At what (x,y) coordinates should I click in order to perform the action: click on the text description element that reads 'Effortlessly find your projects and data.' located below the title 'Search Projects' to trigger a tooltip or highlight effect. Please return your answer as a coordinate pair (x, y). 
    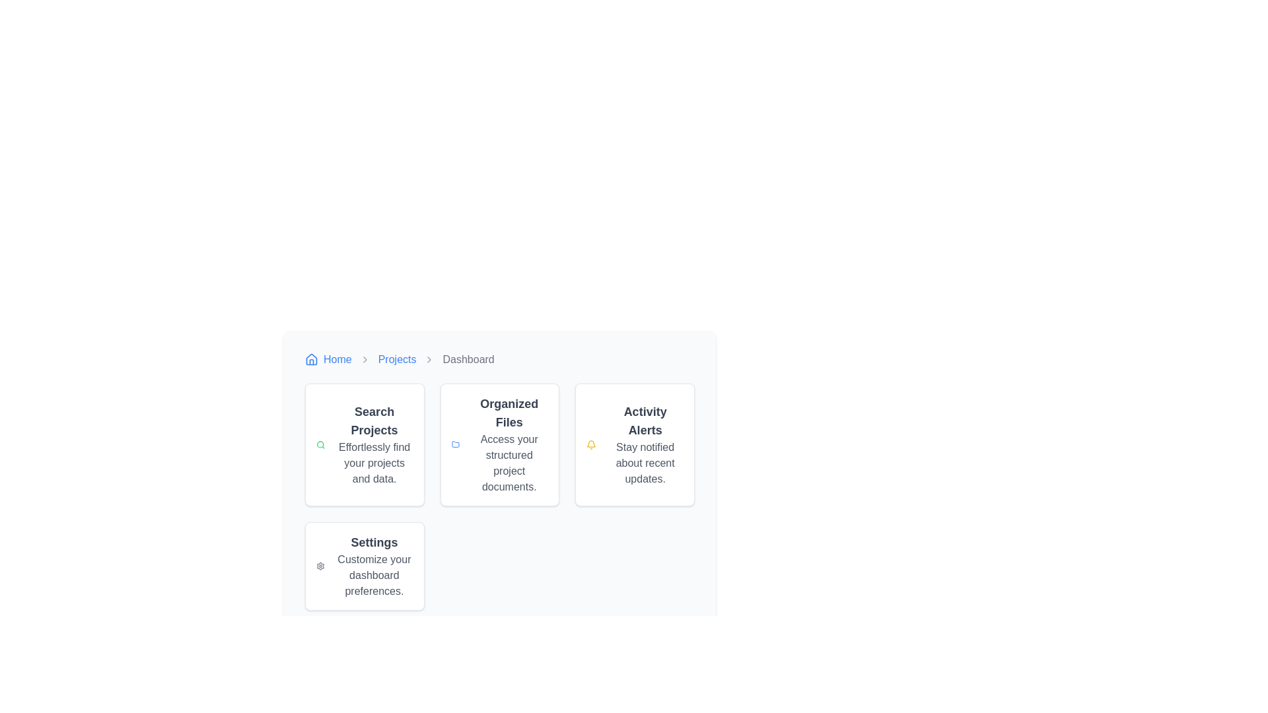
    Looking at the image, I should click on (374, 463).